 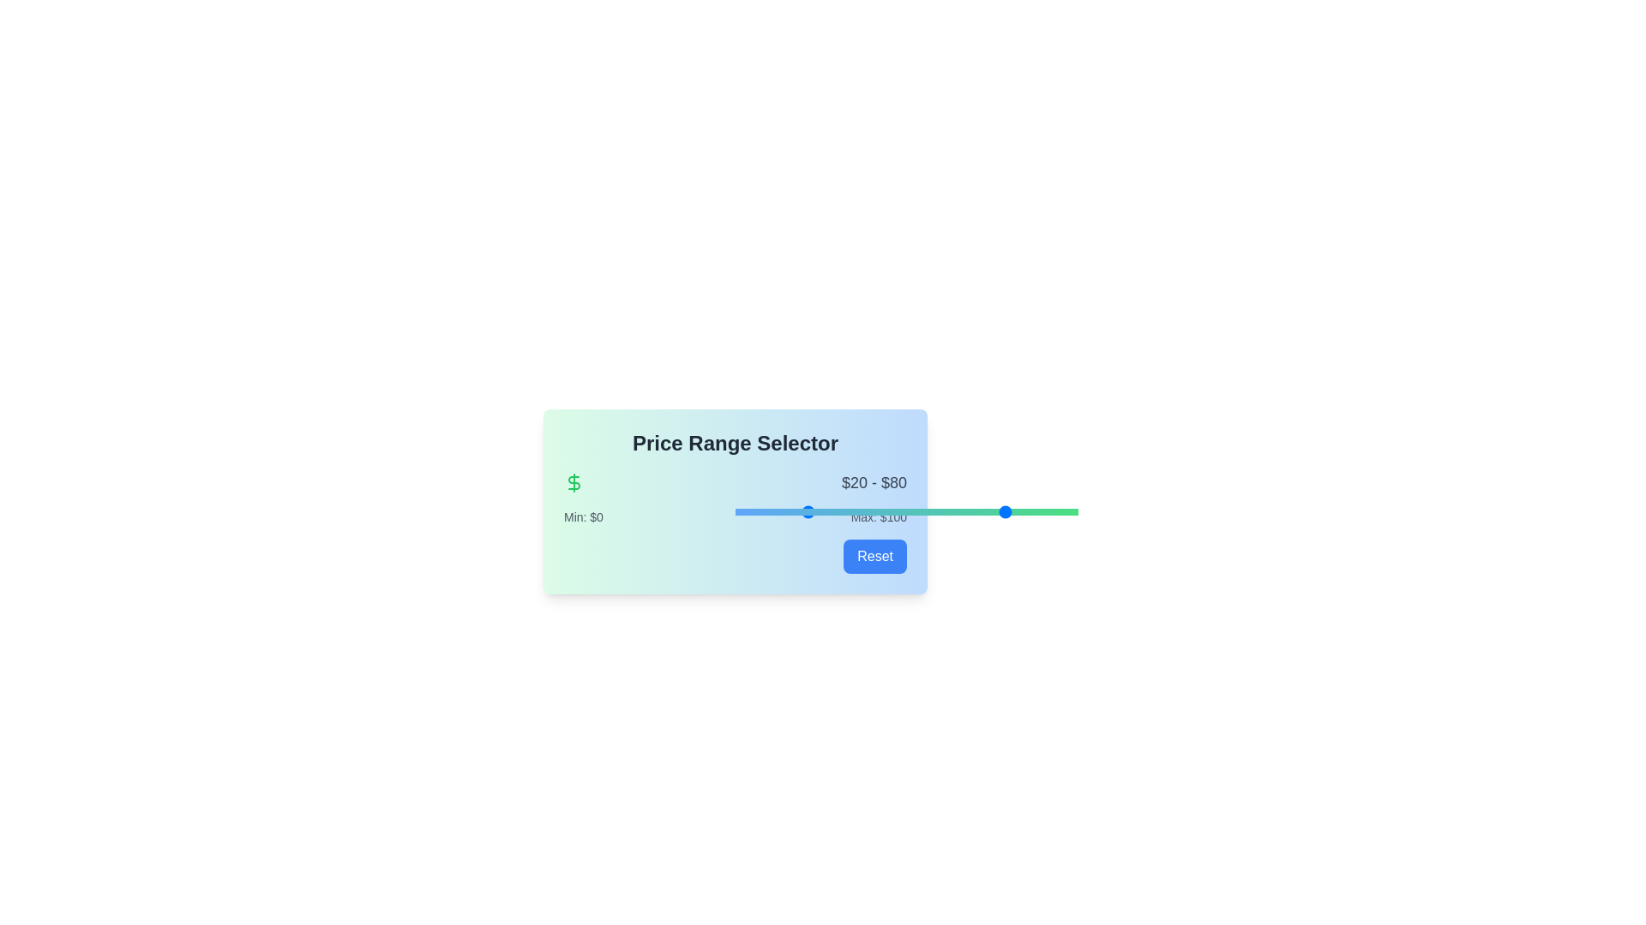 What do you see at coordinates (574, 482) in the screenshot?
I see `the SVG graphic featuring a monetary symbol located in the top-left corner of the 'Price Range Selector' card, which visually signifies monetary values` at bounding box center [574, 482].